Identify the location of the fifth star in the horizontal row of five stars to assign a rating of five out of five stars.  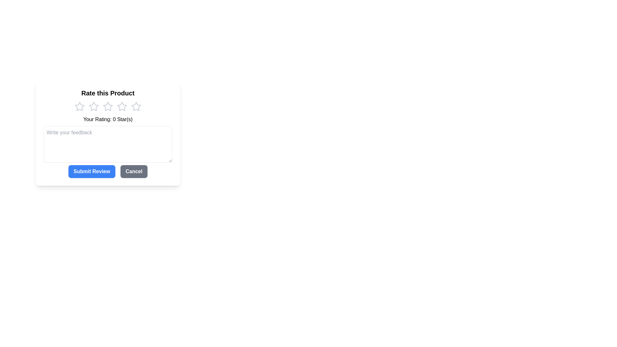
(135, 106).